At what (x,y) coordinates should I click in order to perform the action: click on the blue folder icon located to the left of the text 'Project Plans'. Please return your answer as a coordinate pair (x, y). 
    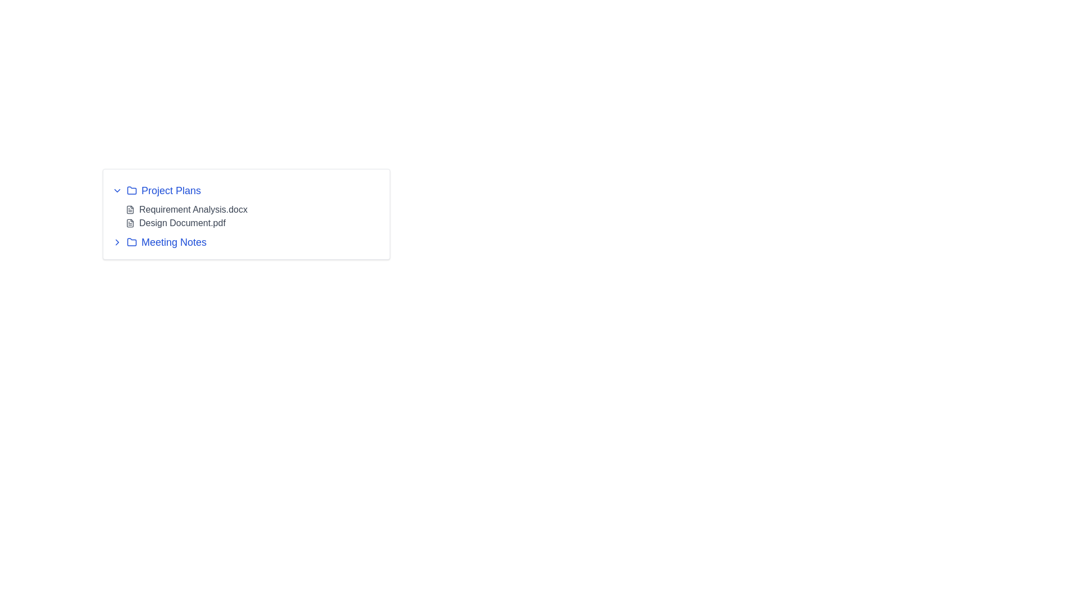
    Looking at the image, I should click on (132, 190).